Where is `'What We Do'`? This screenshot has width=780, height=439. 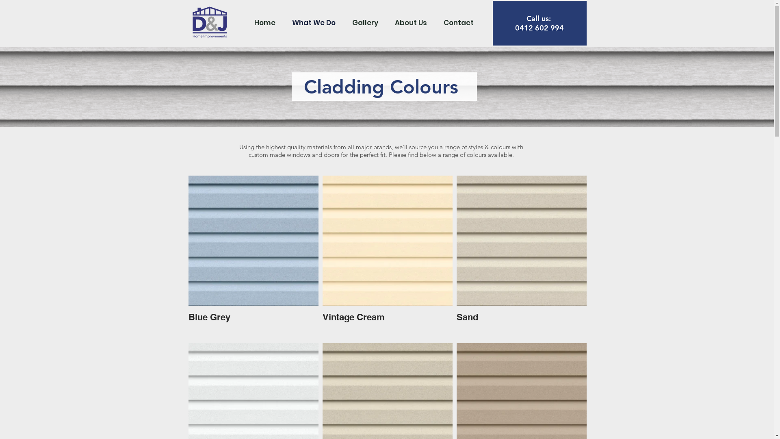
'What We Do' is located at coordinates (313, 22).